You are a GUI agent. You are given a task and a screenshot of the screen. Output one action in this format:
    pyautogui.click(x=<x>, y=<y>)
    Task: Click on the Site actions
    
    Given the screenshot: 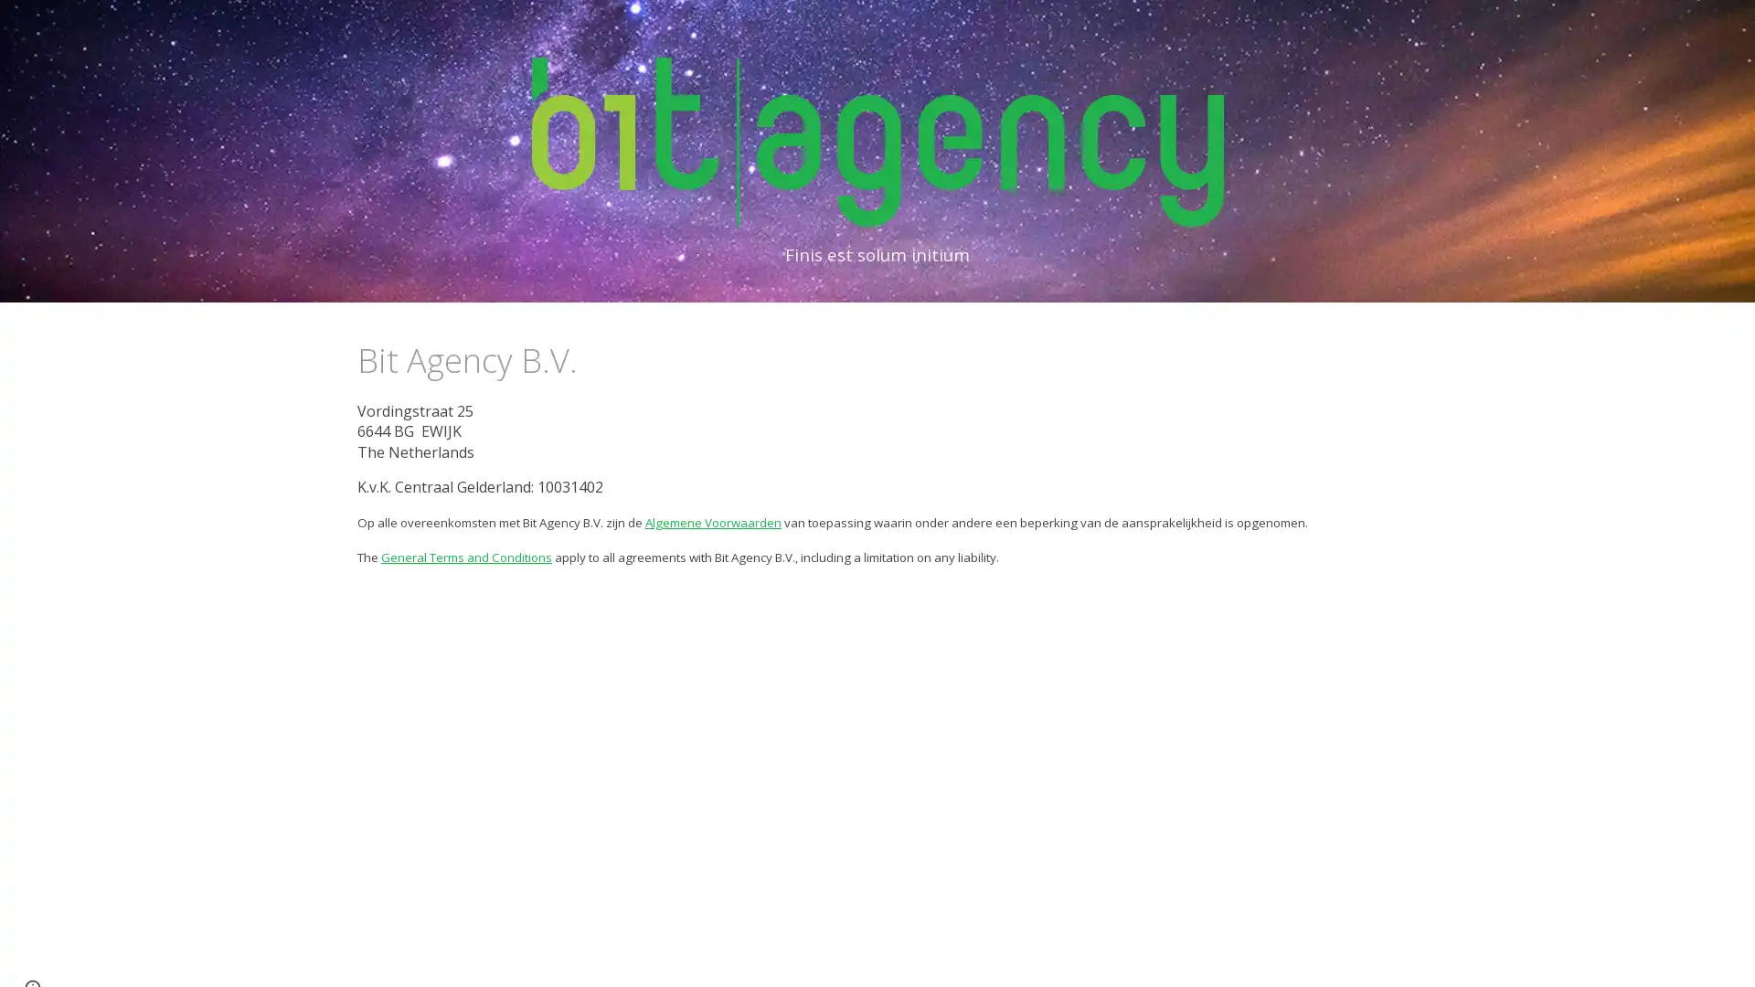 What is the action you would take?
    pyautogui.click(x=32, y=954)
    